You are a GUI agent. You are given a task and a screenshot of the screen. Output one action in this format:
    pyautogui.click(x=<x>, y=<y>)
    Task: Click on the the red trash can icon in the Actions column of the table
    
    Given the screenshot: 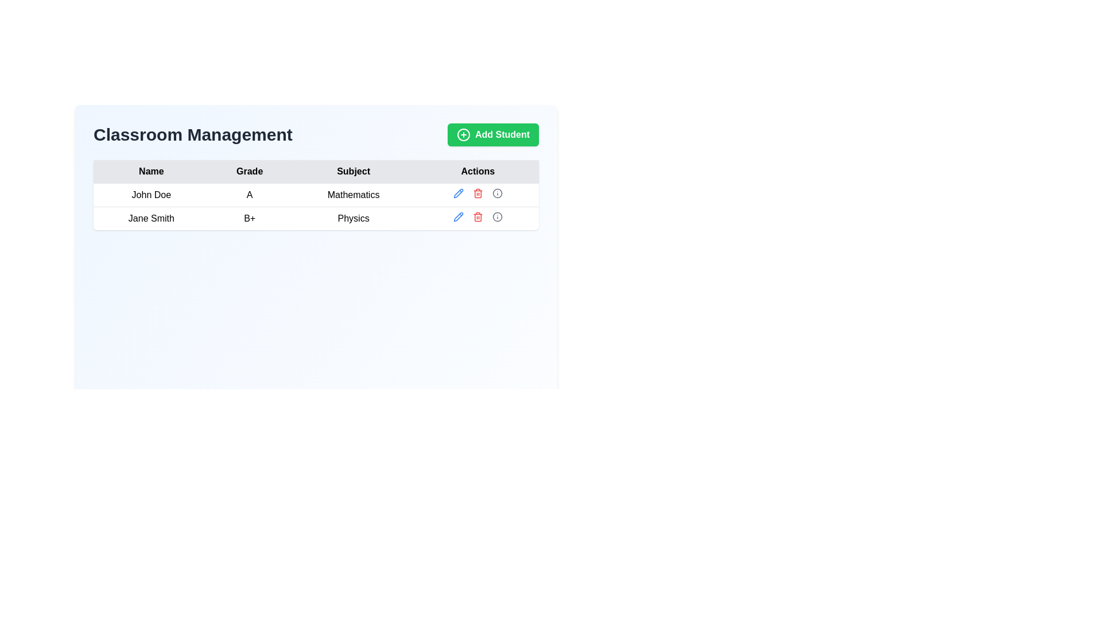 What is the action you would take?
    pyautogui.click(x=477, y=192)
    